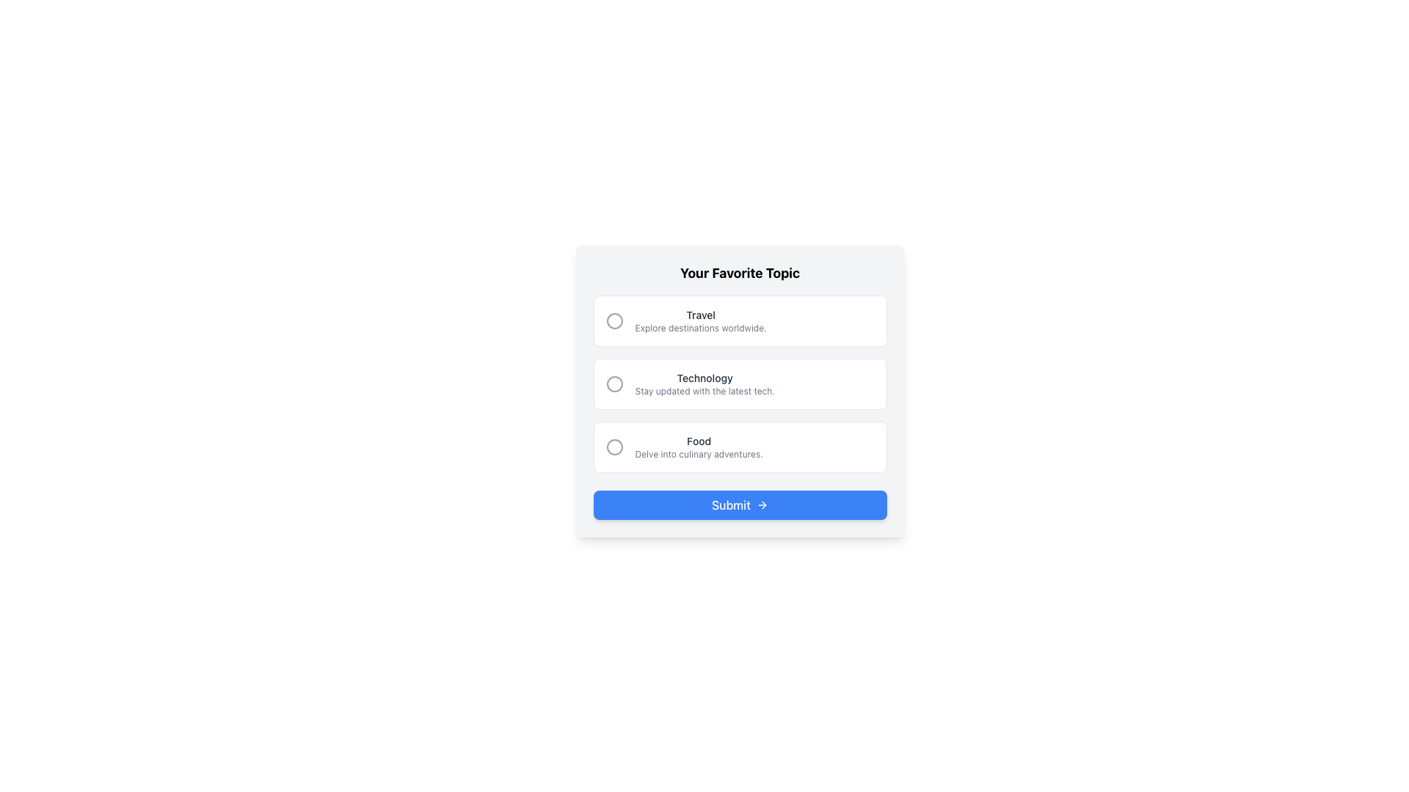 The height and width of the screenshot is (792, 1409). What do you see at coordinates (614, 446) in the screenshot?
I see `the center of the circular icon with a gray outline and white fill, located at the left side of the 'Food' section in the vertical list of topics` at bounding box center [614, 446].